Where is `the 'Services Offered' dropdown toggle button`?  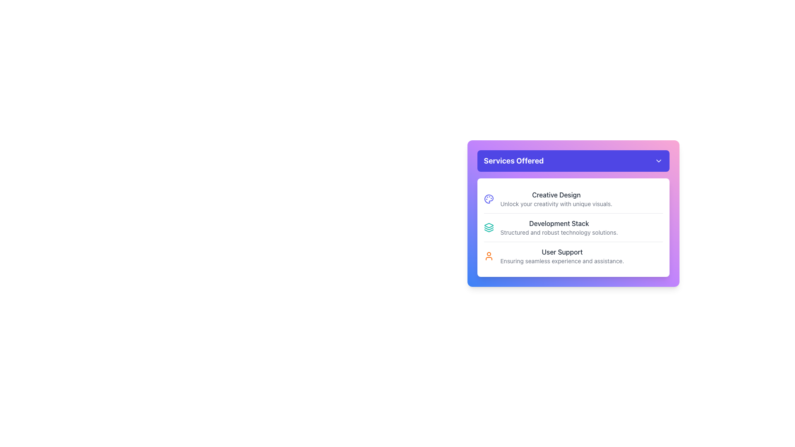
the 'Services Offered' dropdown toggle button is located at coordinates (573, 161).